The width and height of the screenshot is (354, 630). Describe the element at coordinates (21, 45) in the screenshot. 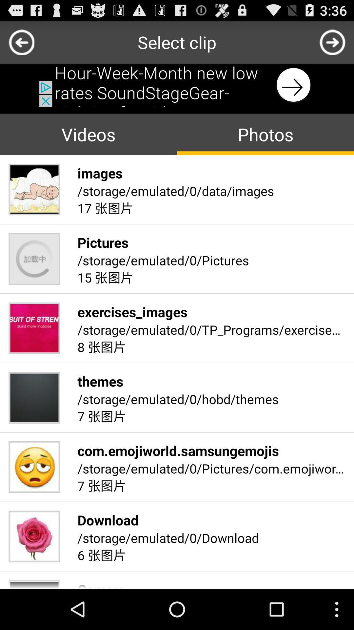

I see `the arrow_backward icon` at that location.